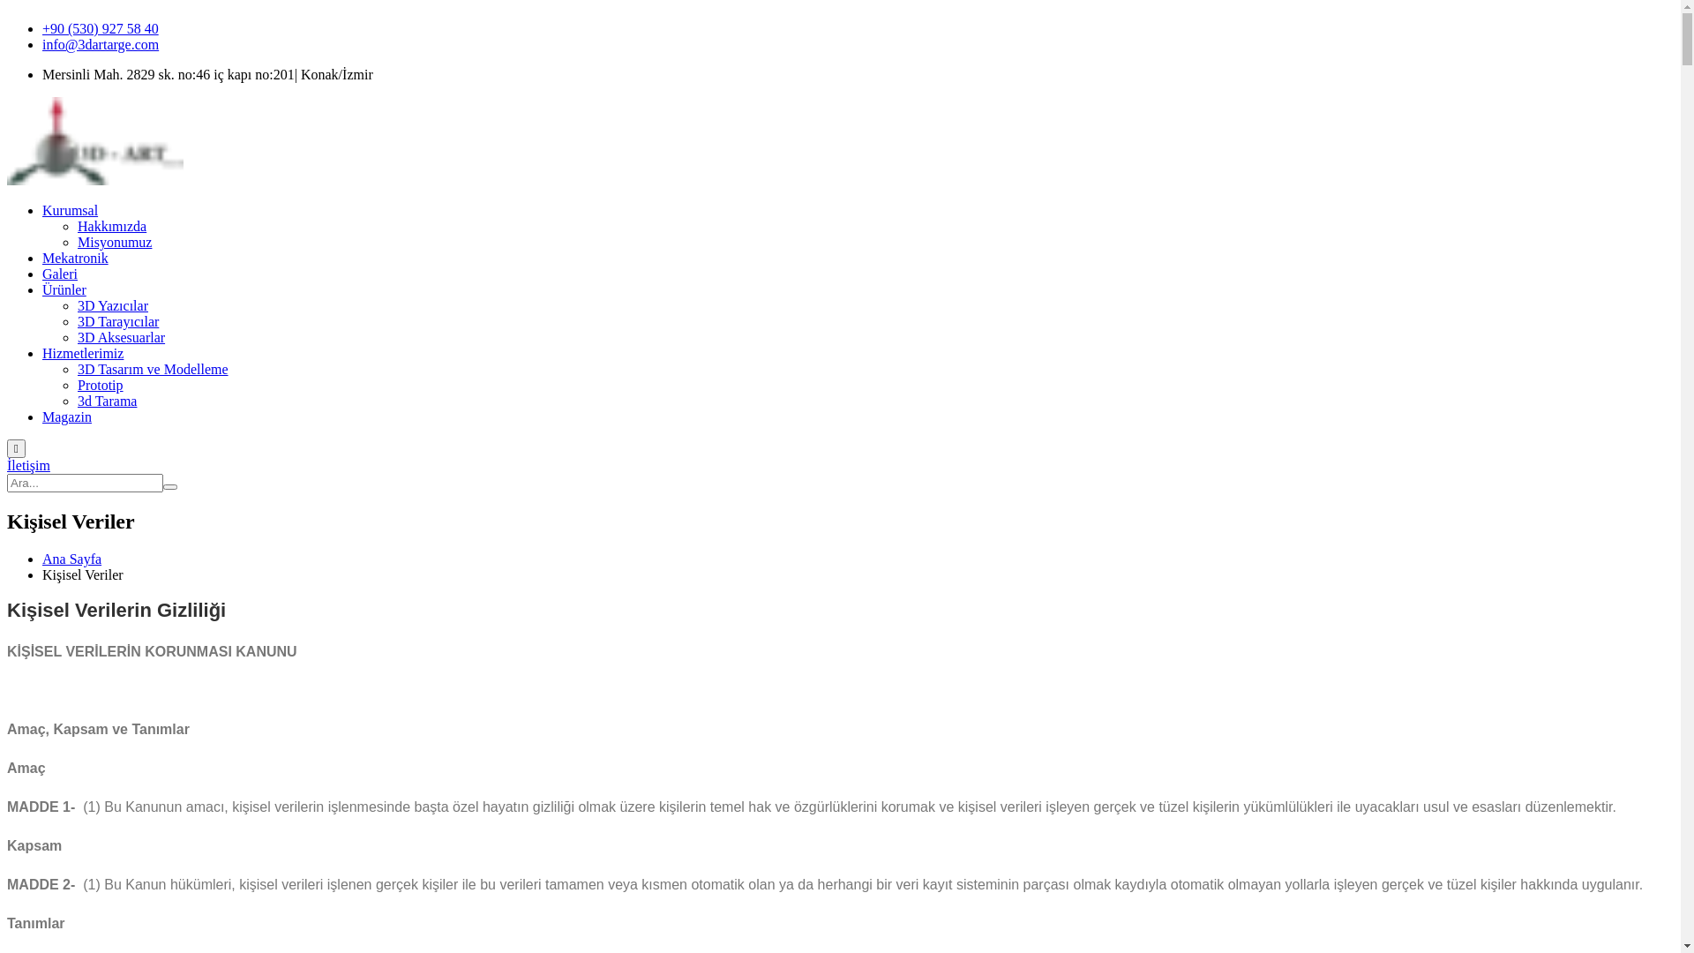  What do you see at coordinates (113, 242) in the screenshot?
I see `'Misyonumuz'` at bounding box center [113, 242].